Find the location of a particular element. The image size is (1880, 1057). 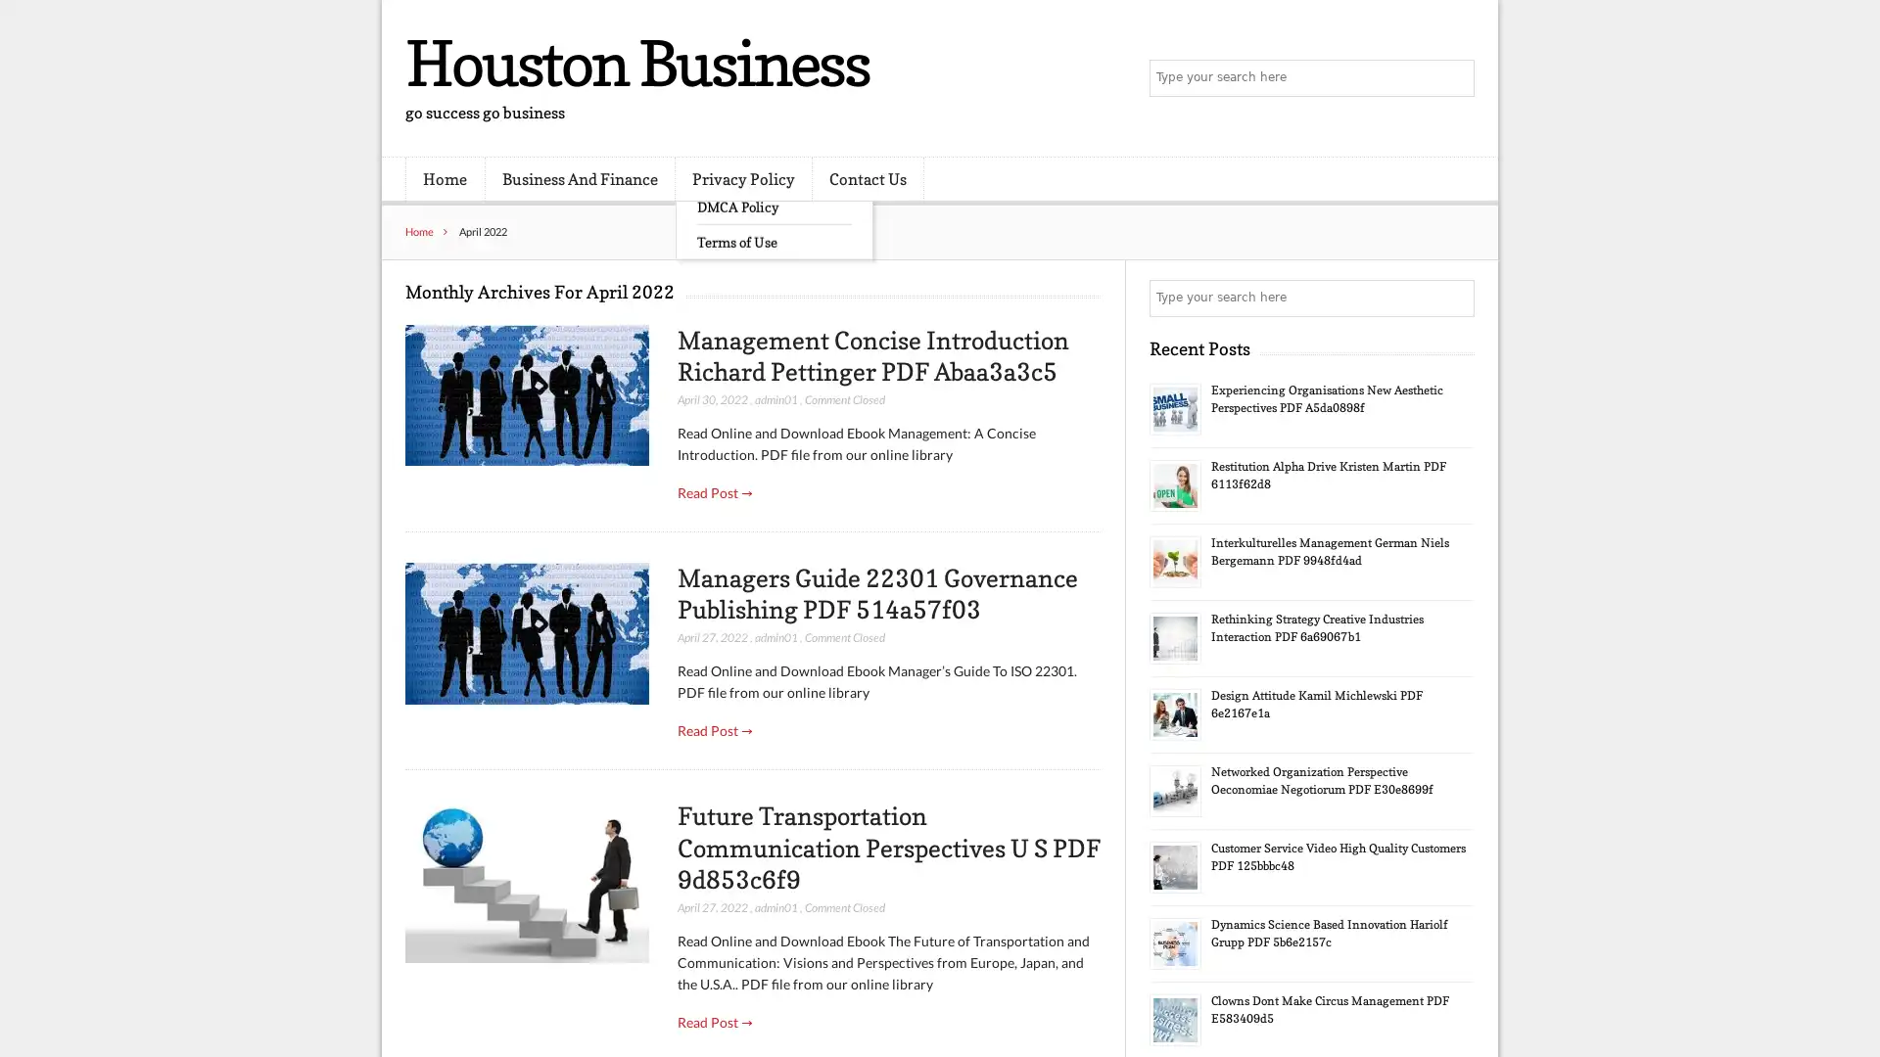

Search is located at coordinates (1454, 298).